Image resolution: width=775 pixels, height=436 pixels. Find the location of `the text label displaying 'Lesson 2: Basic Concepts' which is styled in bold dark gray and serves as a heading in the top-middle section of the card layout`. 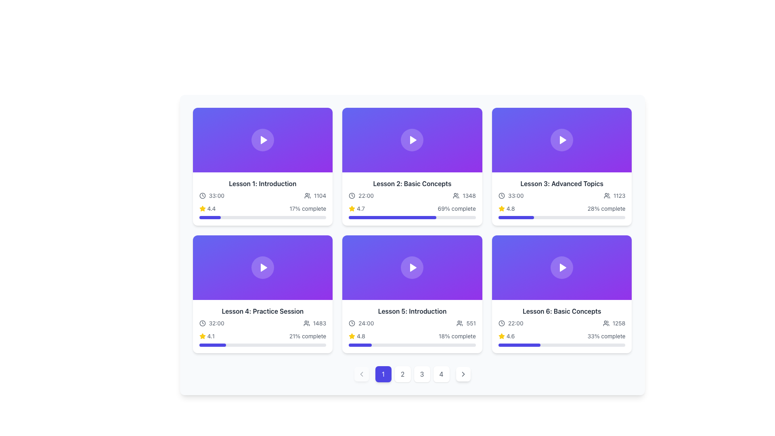

the text label displaying 'Lesson 2: Basic Concepts' which is styled in bold dark gray and serves as a heading in the top-middle section of the card layout is located at coordinates (412, 184).